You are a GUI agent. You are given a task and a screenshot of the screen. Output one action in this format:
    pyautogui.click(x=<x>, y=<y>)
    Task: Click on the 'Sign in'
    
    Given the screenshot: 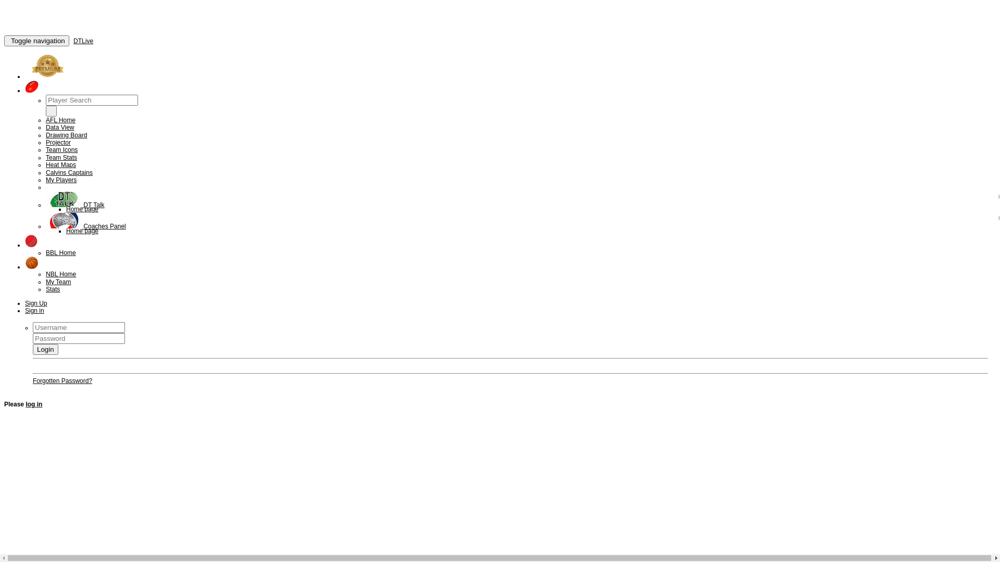 What is the action you would take?
    pyautogui.click(x=34, y=310)
    